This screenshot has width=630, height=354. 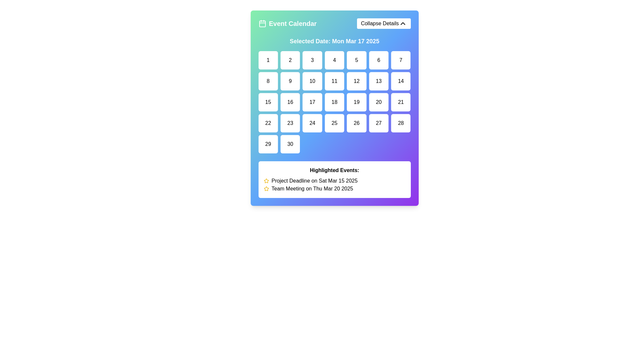 I want to click on the square button with the number '20' in a black font, located in the third row and sixth column of the calendar grid layout, so click(x=379, y=102).